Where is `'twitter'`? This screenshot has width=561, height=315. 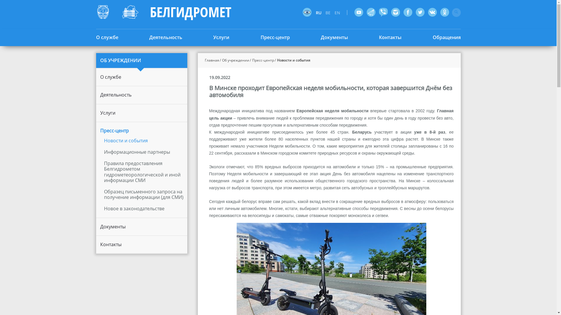 'twitter' is located at coordinates (419, 12).